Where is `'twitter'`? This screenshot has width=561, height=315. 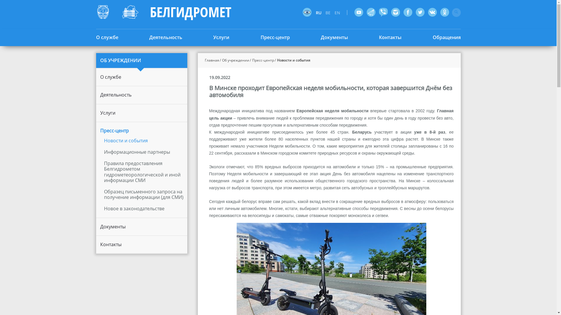 'twitter' is located at coordinates (419, 12).